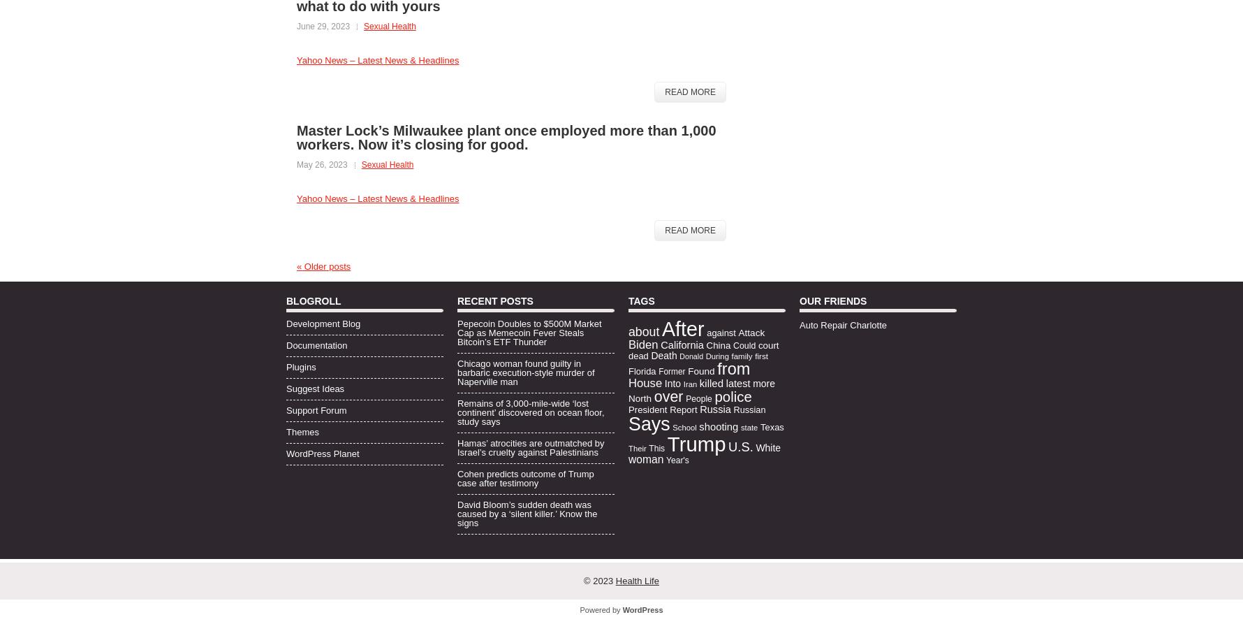  What do you see at coordinates (640, 397) in the screenshot?
I see `'North'` at bounding box center [640, 397].